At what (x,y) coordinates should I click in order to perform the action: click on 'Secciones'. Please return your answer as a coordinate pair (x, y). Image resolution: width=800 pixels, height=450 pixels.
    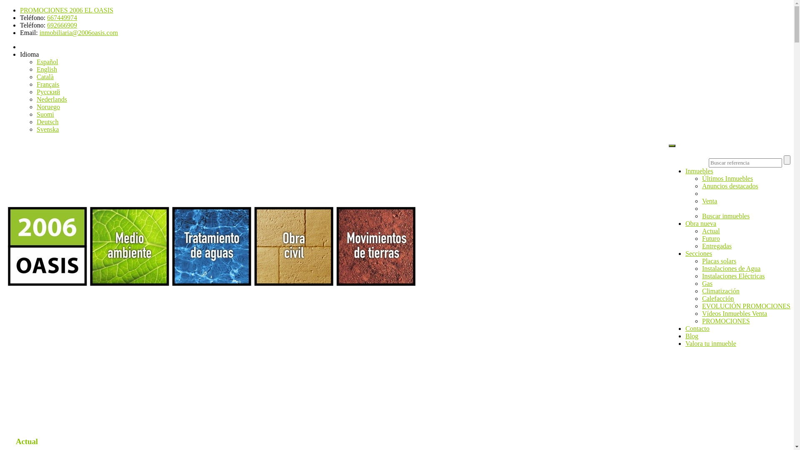
    Looking at the image, I should click on (685, 253).